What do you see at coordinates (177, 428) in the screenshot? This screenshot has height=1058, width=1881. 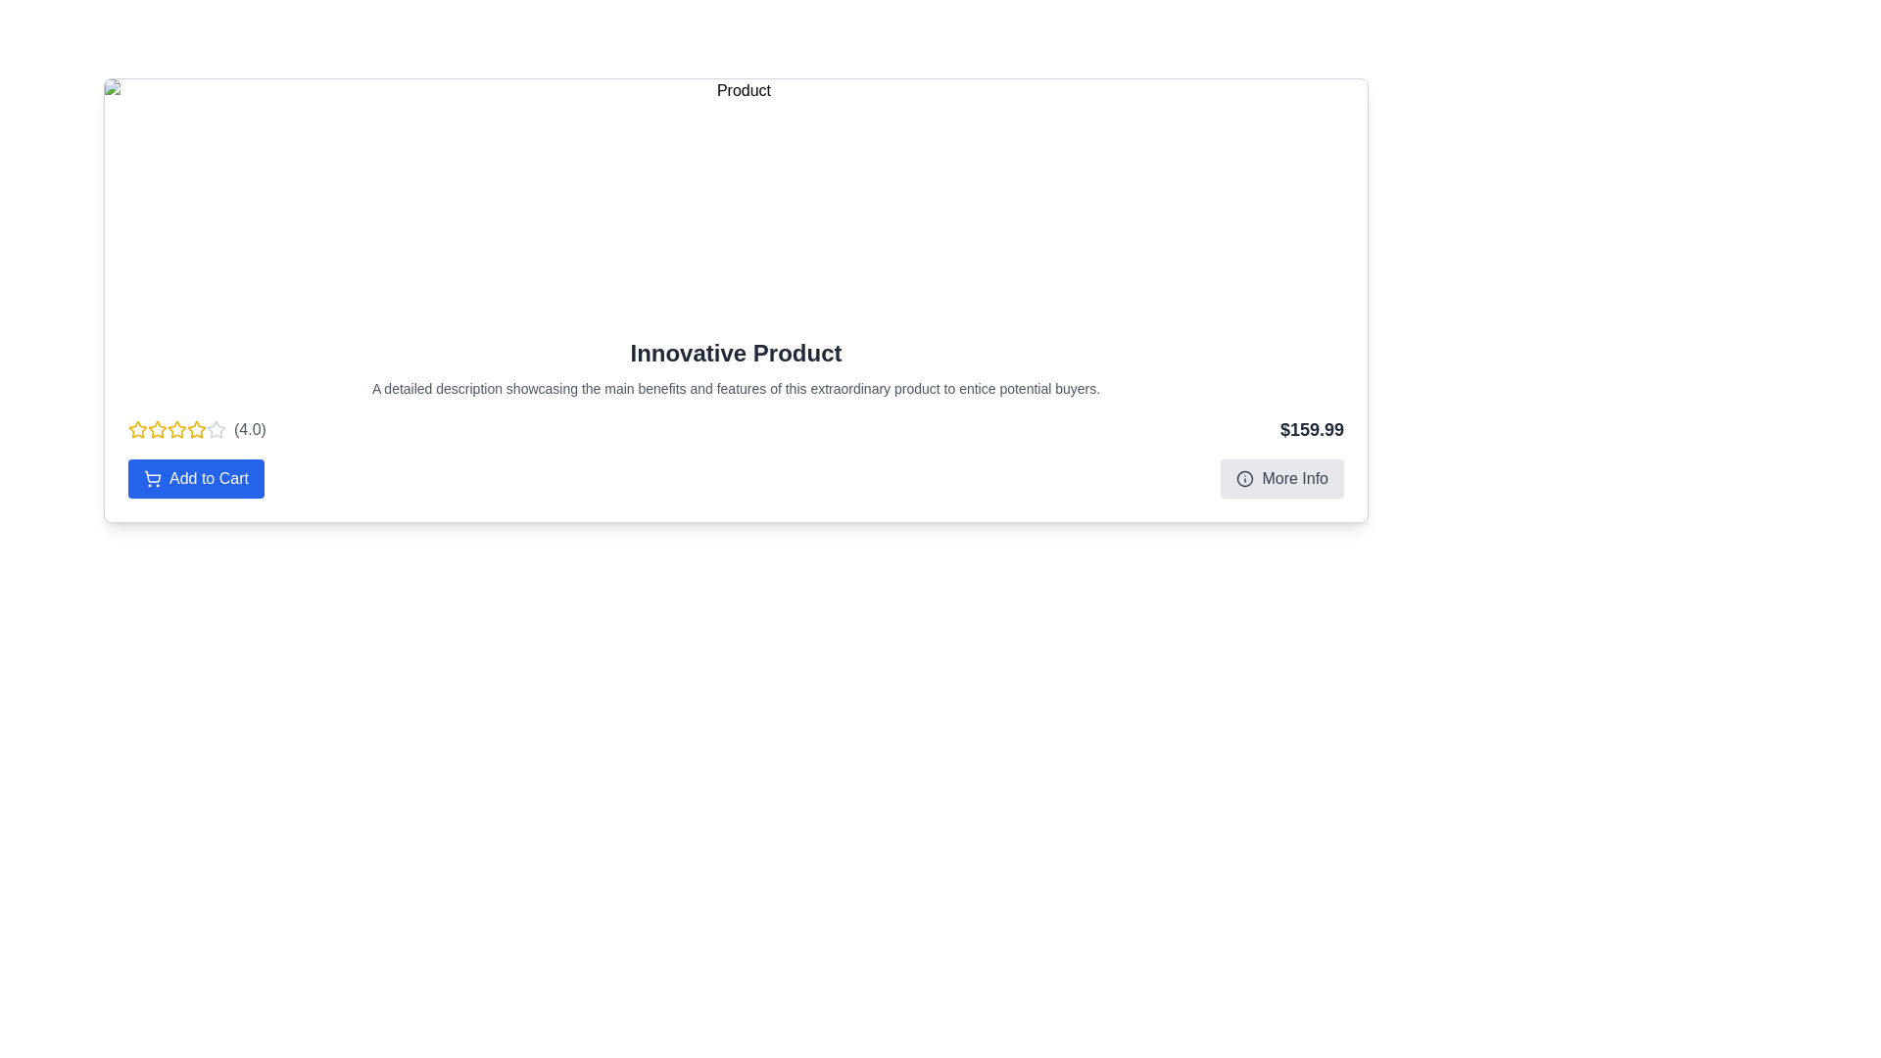 I see `the third star in the five-pointed star rating bar` at bounding box center [177, 428].